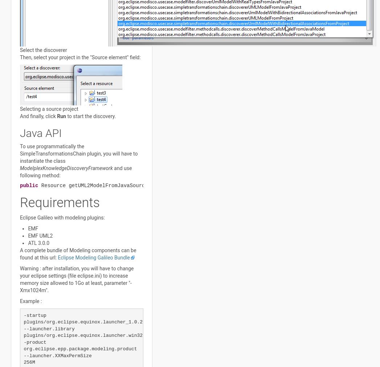  What do you see at coordinates (20, 279) in the screenshot?
I see `'Warning : after installation, you will have to change your eclipse settings (file eclipse.ini) to increase memory size allowed to 1Go at least, parameter "-Xmx1024m".'` at bounding box center [20, 279].